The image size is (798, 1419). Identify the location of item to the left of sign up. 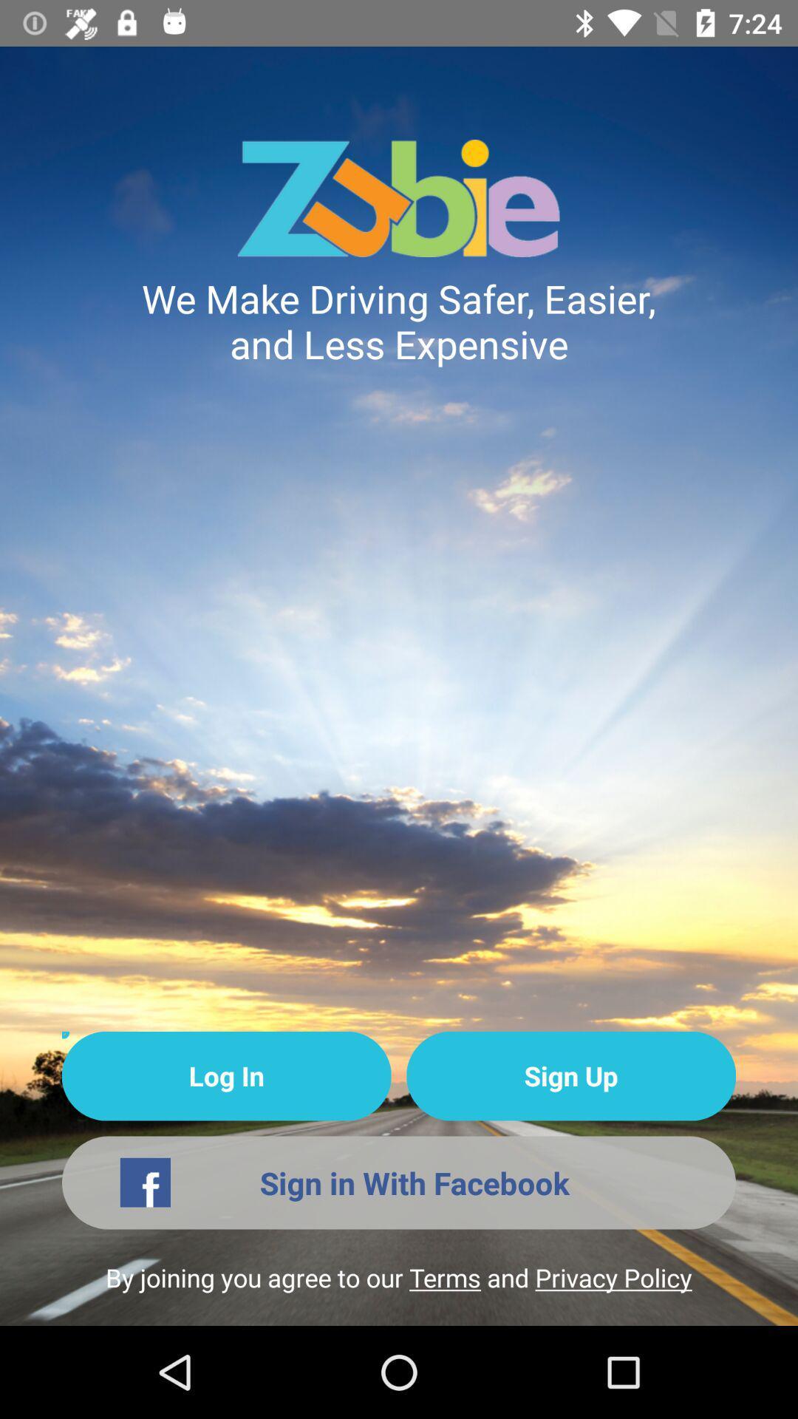
(226, 1076).